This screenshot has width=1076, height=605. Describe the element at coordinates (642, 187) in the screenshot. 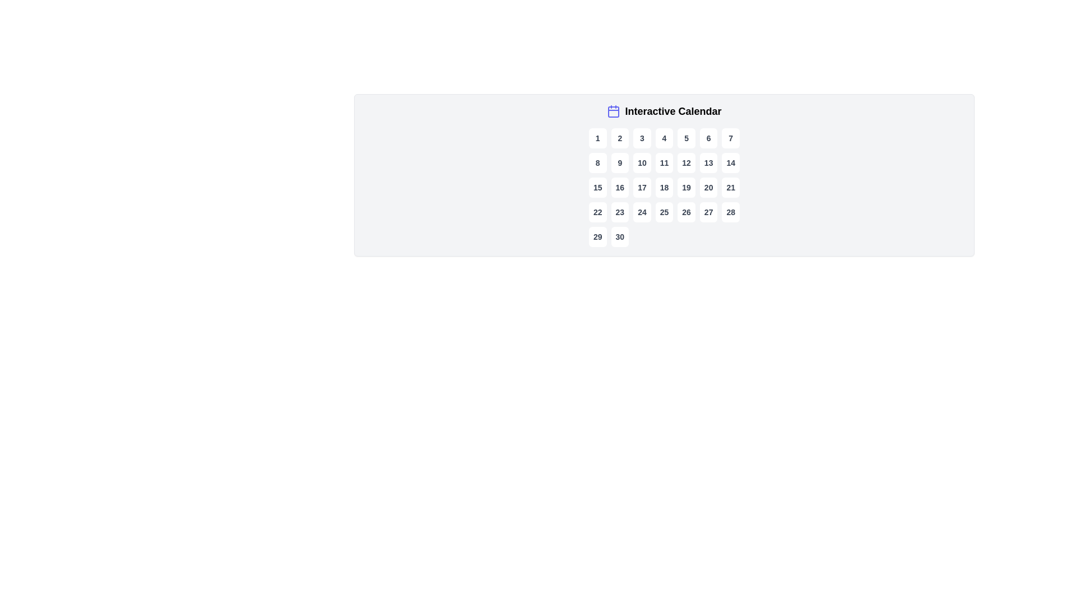

I see `the square button displaying the number '17' in a bold, dark-gray font, which is part of a calendar grid layout` at that location.